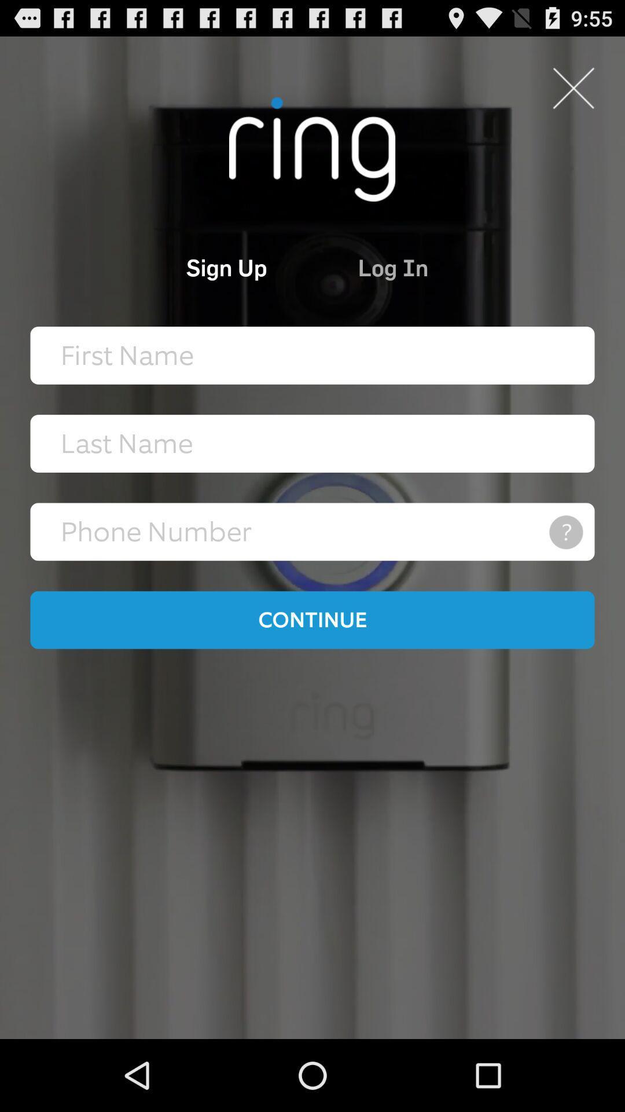 The width and height of the screenshot is (625, 1112). I want to click on the icon at the top left corner, so click(179, 266).